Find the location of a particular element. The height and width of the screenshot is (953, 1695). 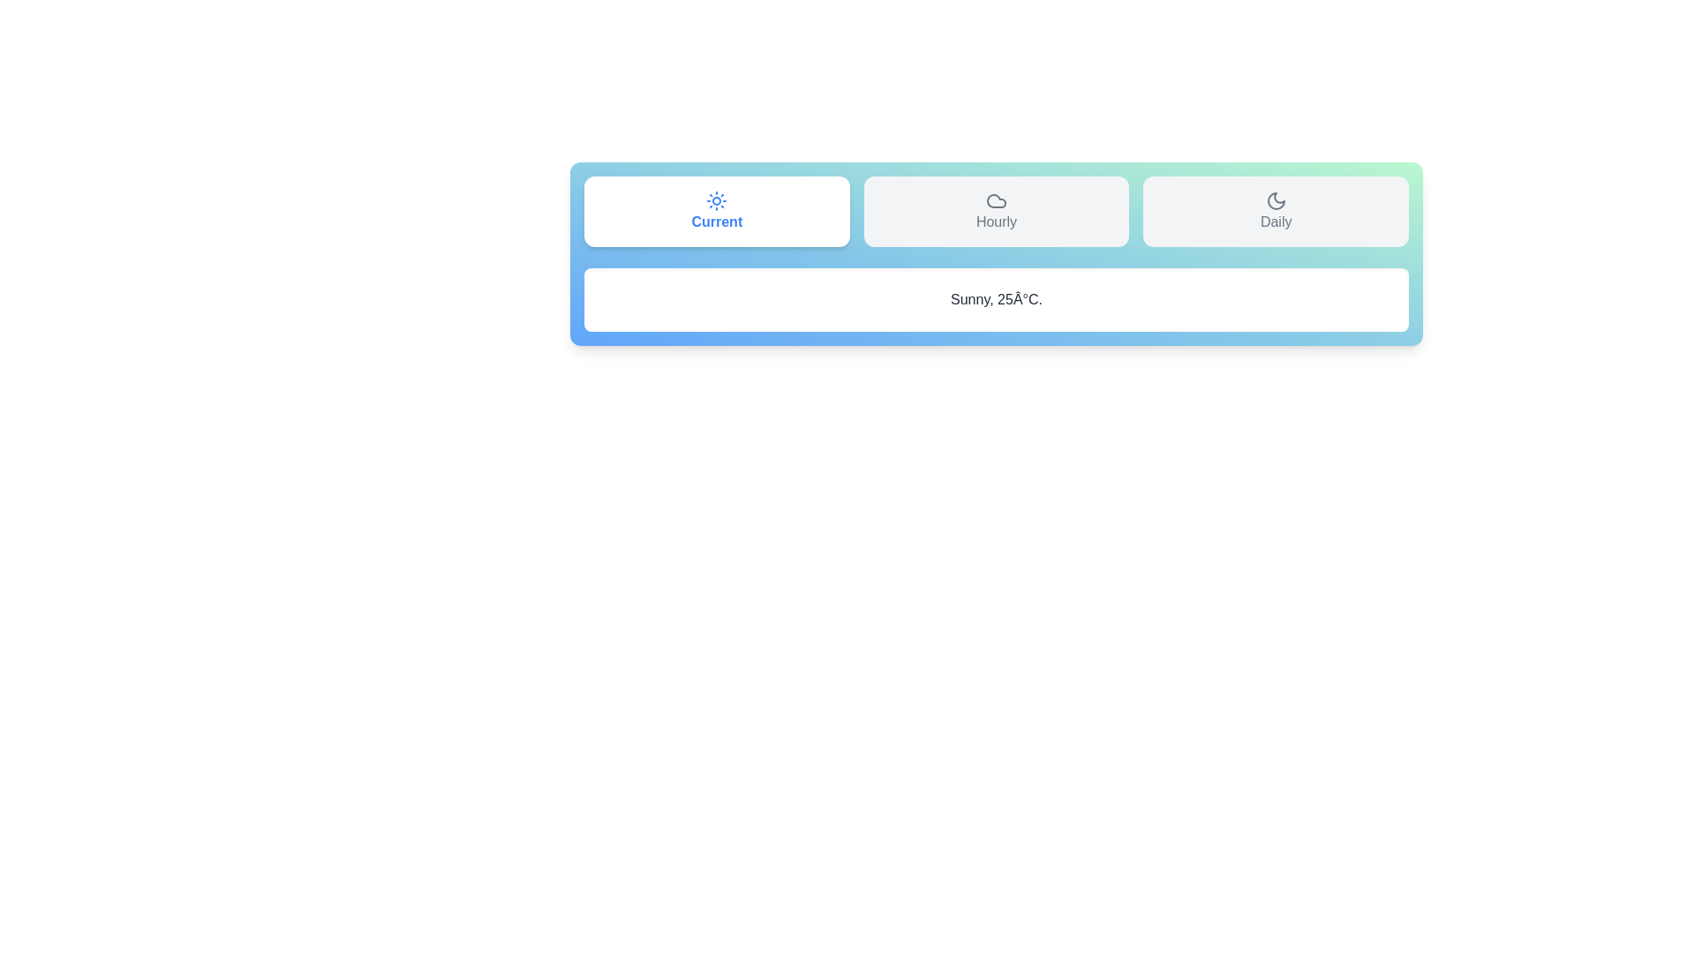

the Current tab to view its content is located at coordinates (716, 210).